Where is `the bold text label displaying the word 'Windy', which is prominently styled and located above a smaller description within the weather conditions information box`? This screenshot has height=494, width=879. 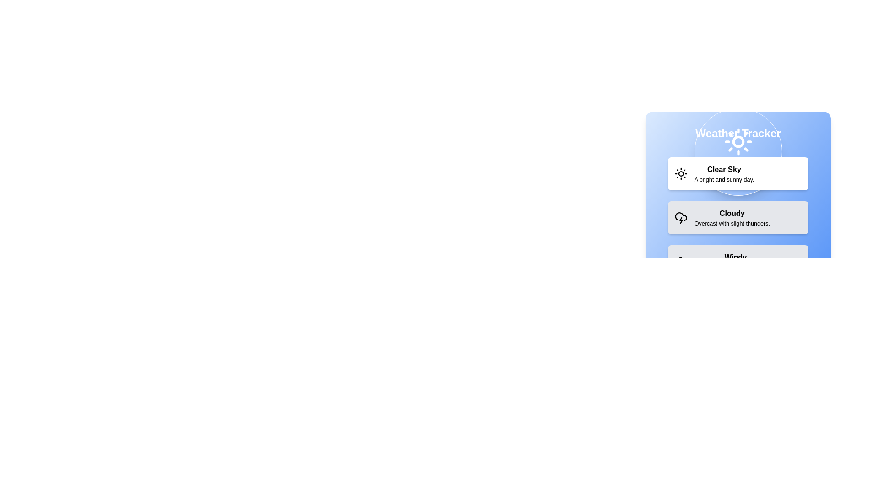 the bold text label displaying the word 'Windy', which is prominently styled and located above a smaller description within the weather conditions information box is located at coordinates (736, 258).